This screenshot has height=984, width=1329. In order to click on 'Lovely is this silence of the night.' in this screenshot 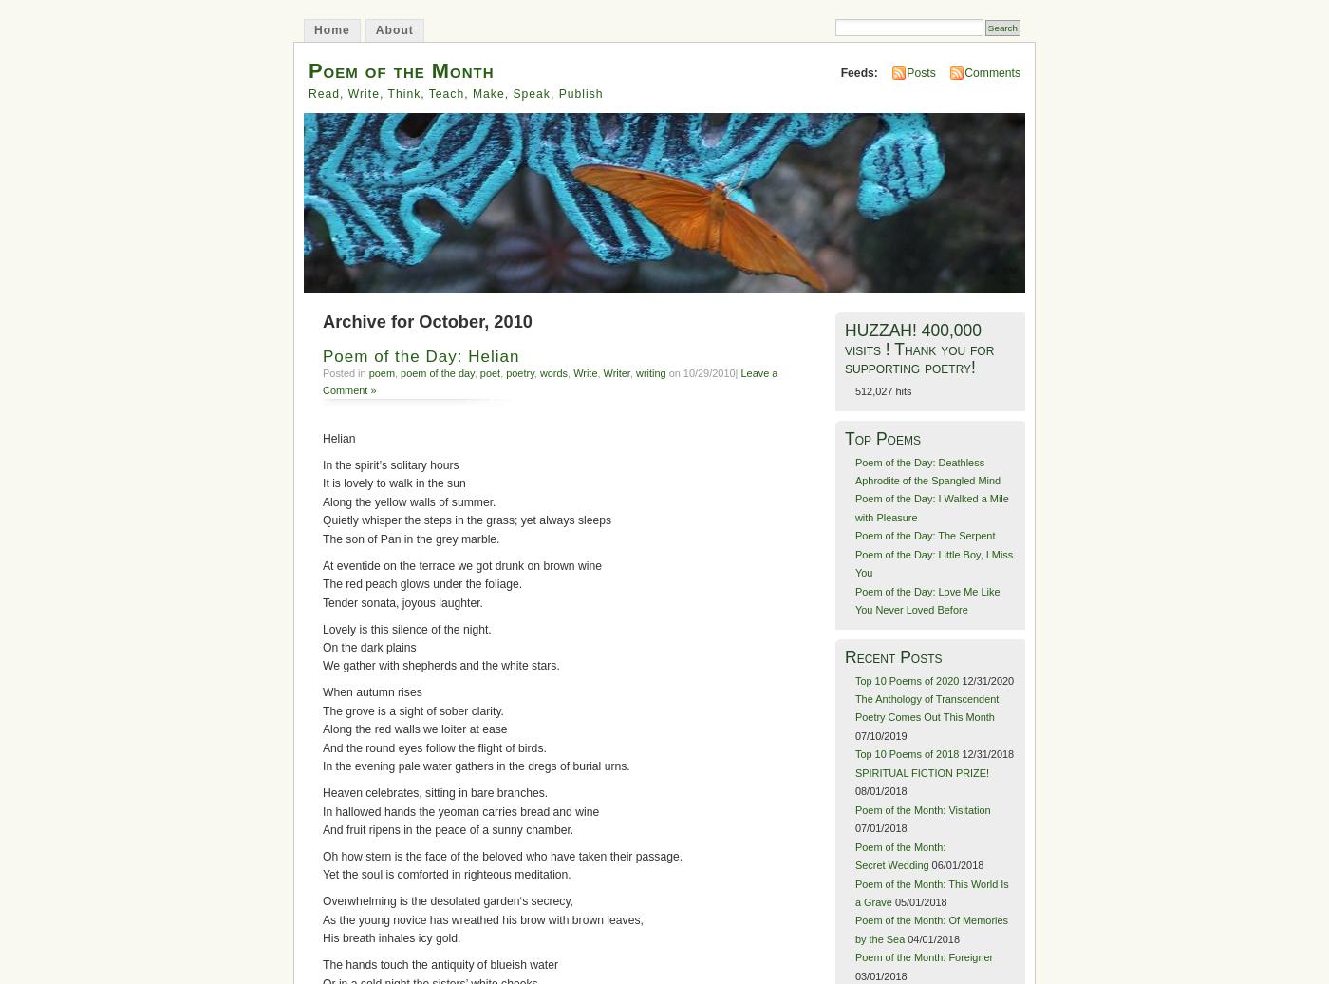, I will do `click(406, 629)`.